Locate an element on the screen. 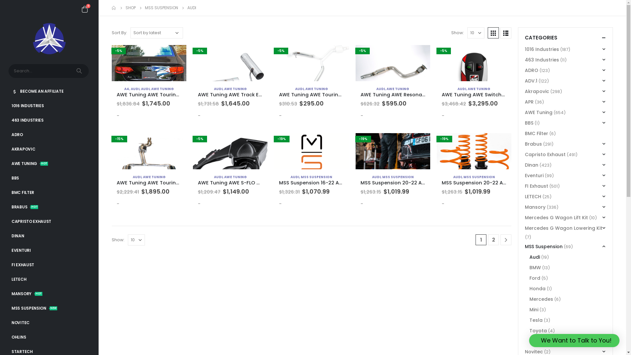  'BRABUSHOT' is located at coordinates (49, 207).